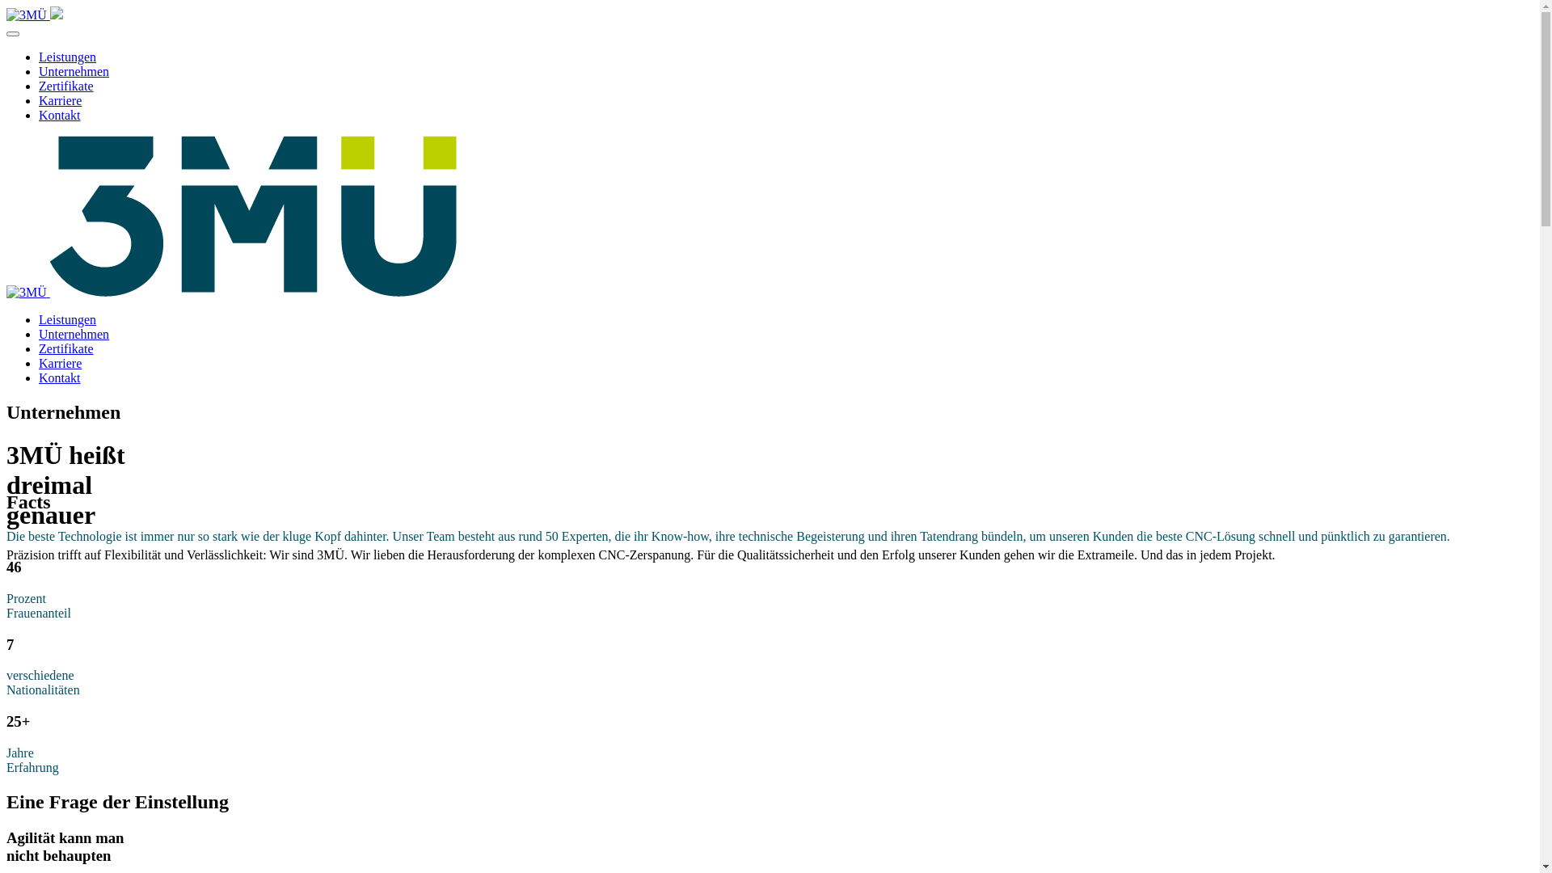 The width and height of the screenshot is (1552, 873). I want to click on 'Kontakt', so click(59, 377).